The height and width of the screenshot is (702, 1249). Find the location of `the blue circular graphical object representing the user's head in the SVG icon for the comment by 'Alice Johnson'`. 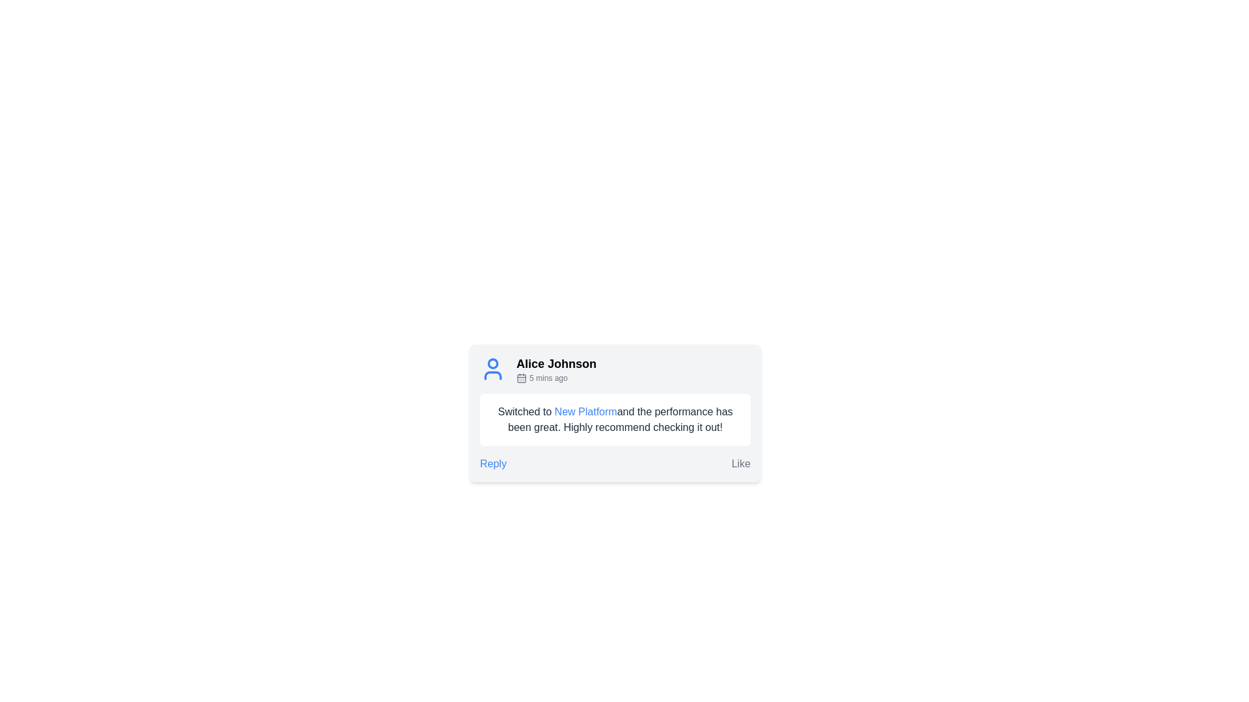

the blue circular graphical object representing the user's head in the SVG icon for the comment by 'Alice Johnson' is located at coordinates (492, 363).